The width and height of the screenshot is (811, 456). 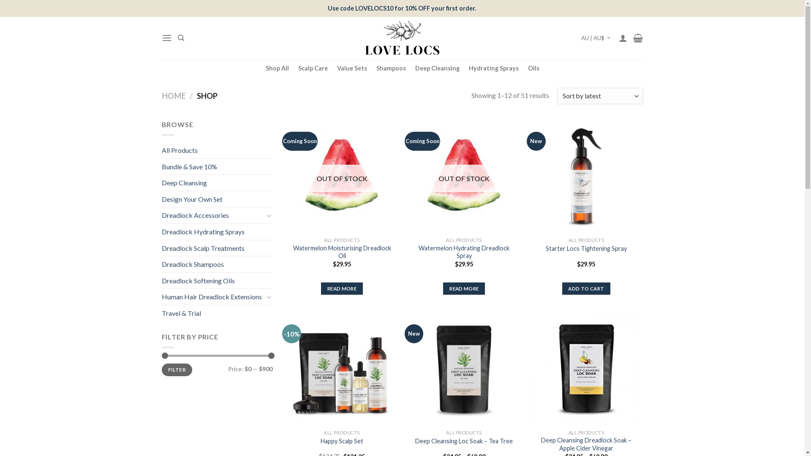 What do you see at coordinates (342, 441) in the screenshot?
I see `'Happy Scalp Set'` at bounding box center [342, 441].